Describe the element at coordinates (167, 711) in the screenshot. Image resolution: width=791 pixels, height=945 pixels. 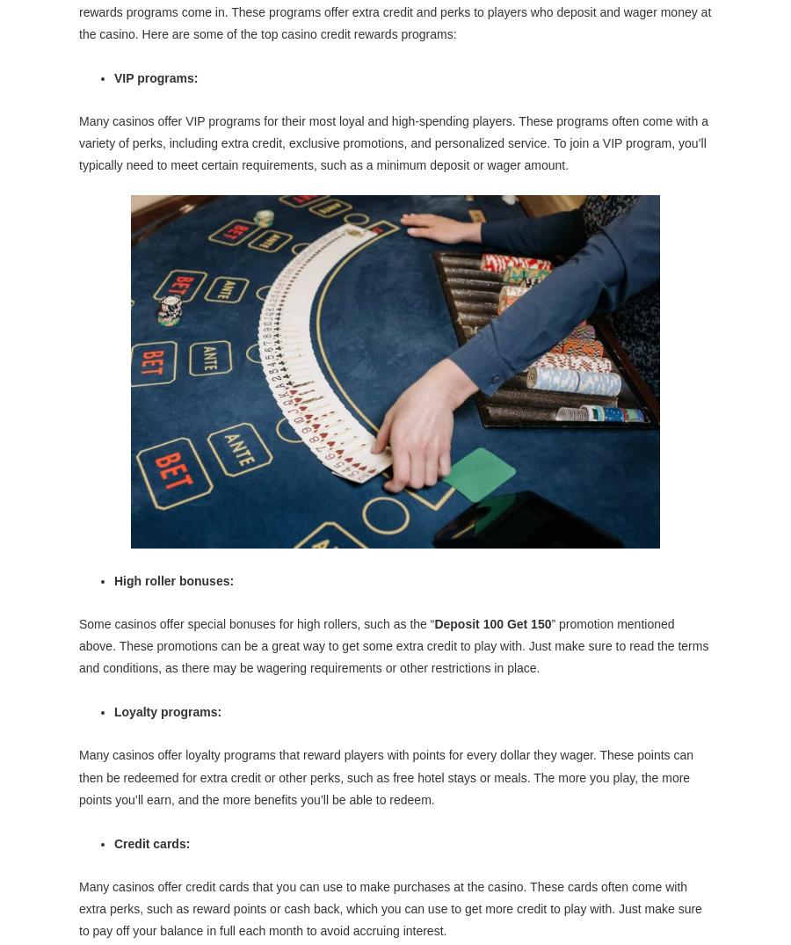
I see `'Loyalty programs:'` at that location.